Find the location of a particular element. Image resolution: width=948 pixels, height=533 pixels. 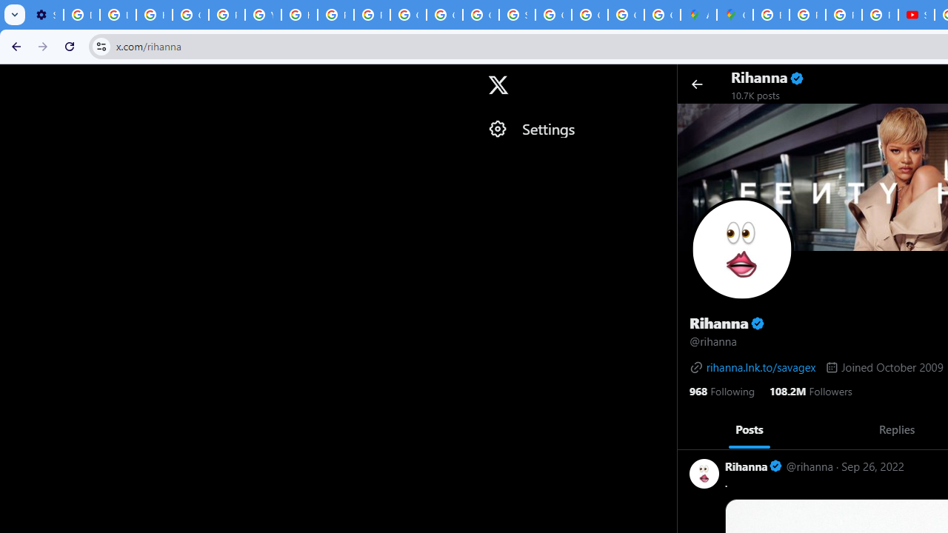

'X' is located at coordinates (498, 85).